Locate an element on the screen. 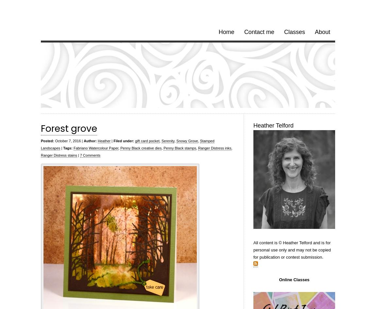 Image resolution: width=376 pixels, height=309 pixels. 'Ranger Distress inks' is located at coordinates (198, 148).